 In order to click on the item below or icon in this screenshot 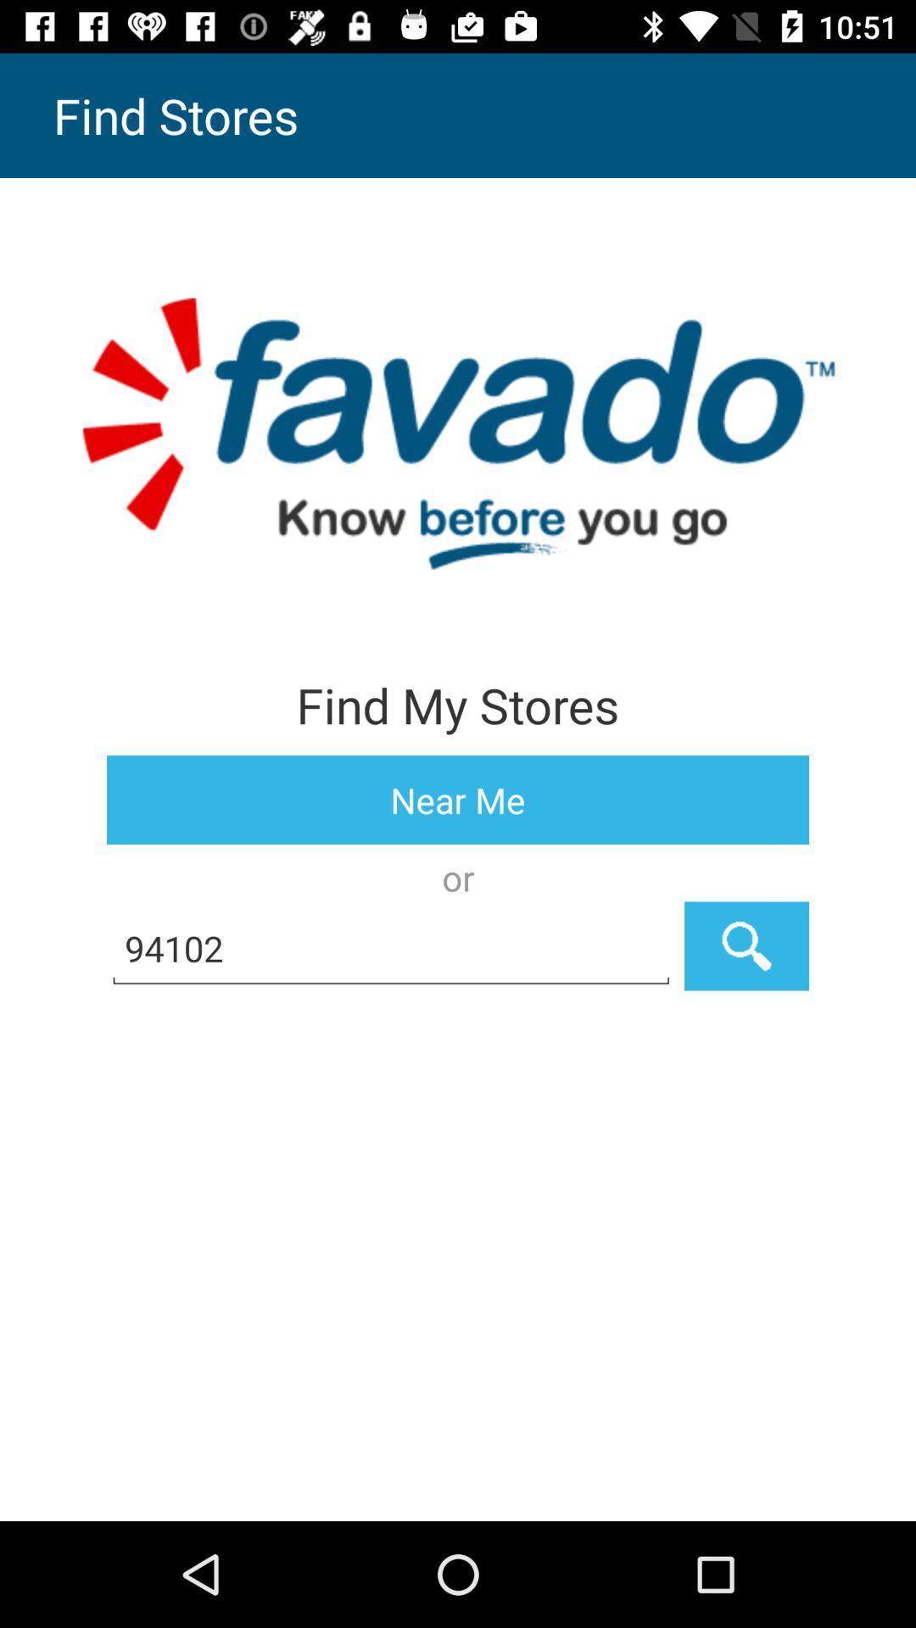, I will do `click(391, 945)`.